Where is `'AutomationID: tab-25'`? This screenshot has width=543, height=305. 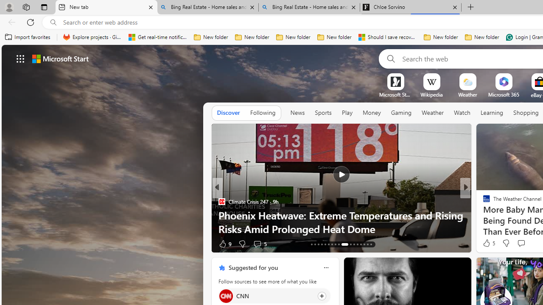
'AutomationID: tab-25' is located at coordinates (357, 244).